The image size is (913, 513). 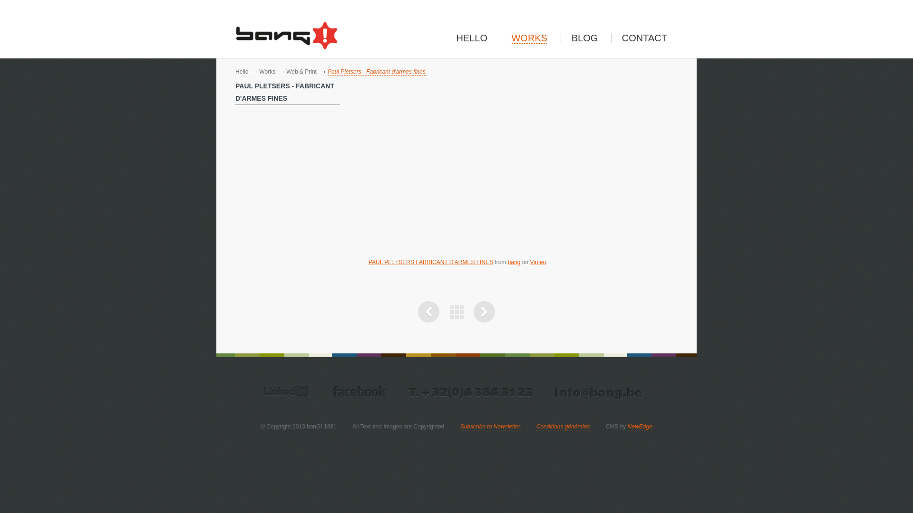 What do you see at coordinates (529, 38) in the screenshot?
I see `'WORKS'` at bounding box center [529, 38].